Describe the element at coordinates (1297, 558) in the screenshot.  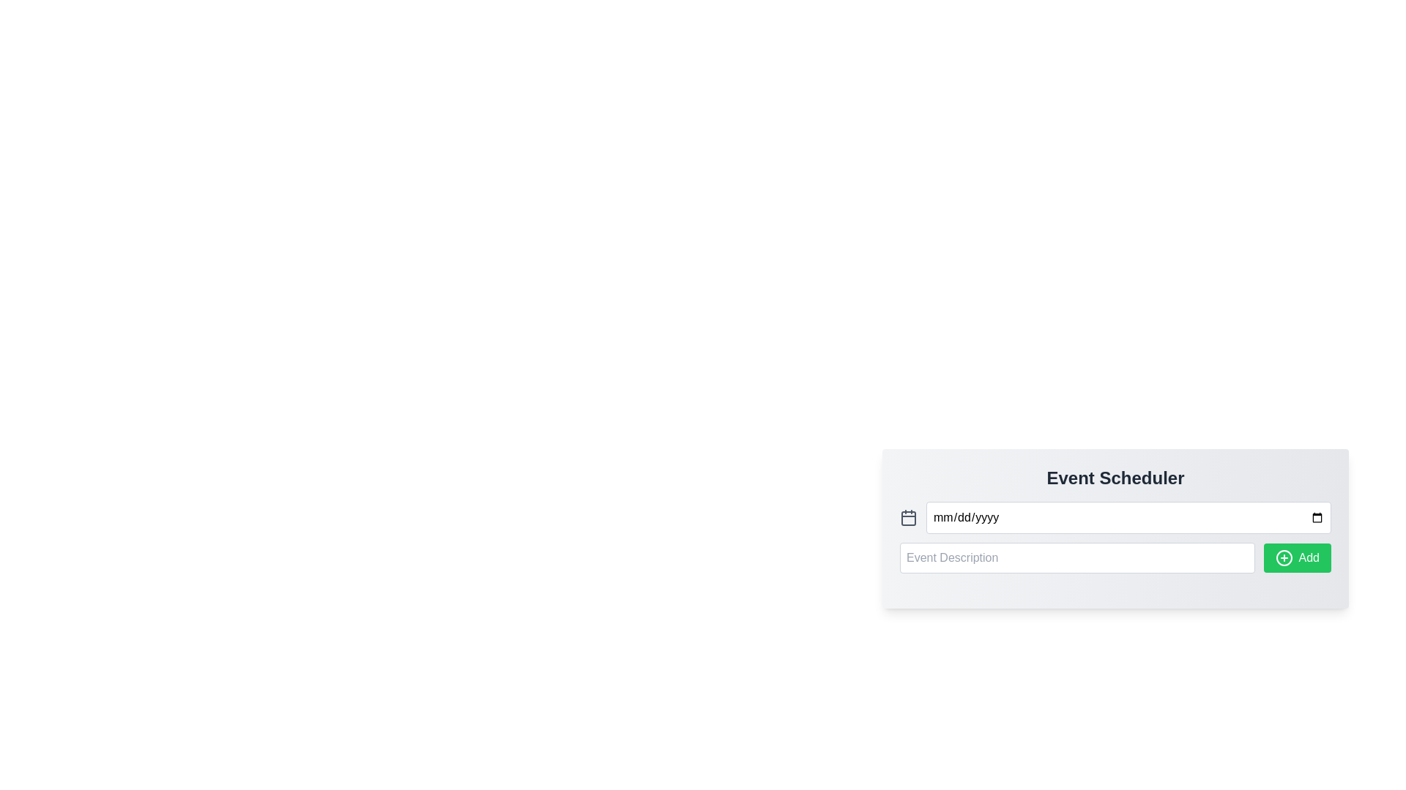
I see `the green 'Add' button with white text and a plus sign icon located on the rightmost side of the input form` at that location.